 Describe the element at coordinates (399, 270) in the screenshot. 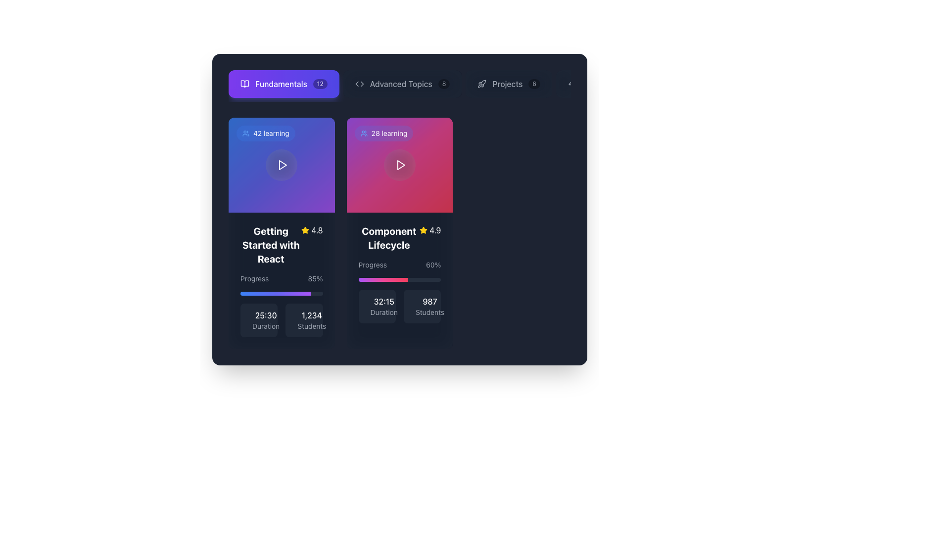

I see `the progress bar displaying 'Progress' and '60%' in the Component Lifecycle card located in the second column` at that location.